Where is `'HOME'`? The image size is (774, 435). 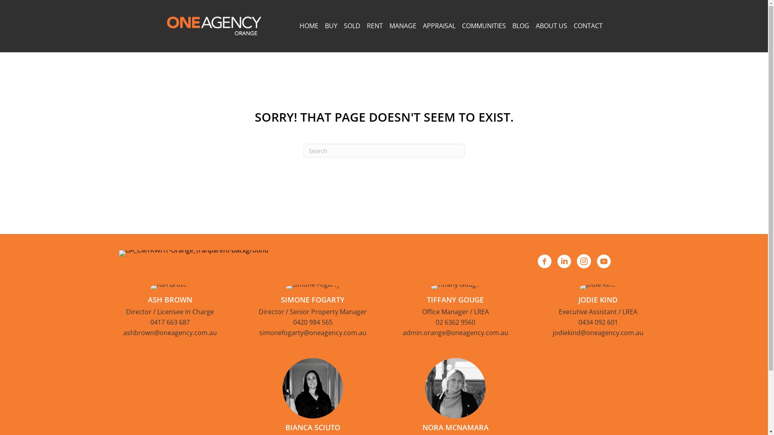
'HOME' is located at coordinates (308, 25).